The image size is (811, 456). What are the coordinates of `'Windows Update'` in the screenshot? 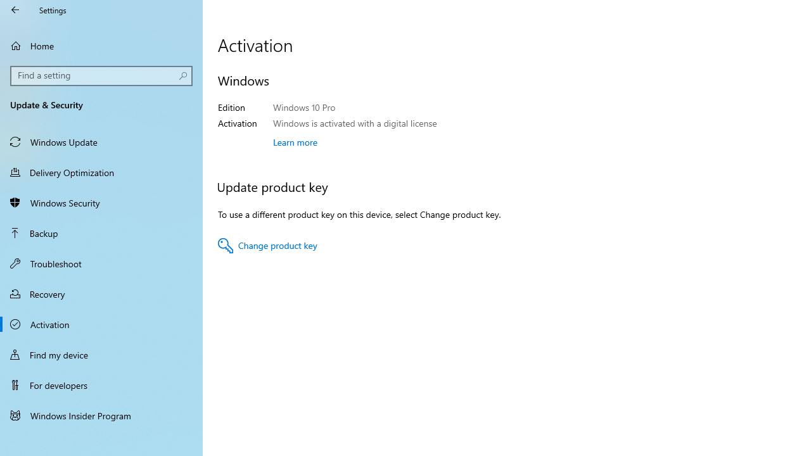 It's located at (101, 141).